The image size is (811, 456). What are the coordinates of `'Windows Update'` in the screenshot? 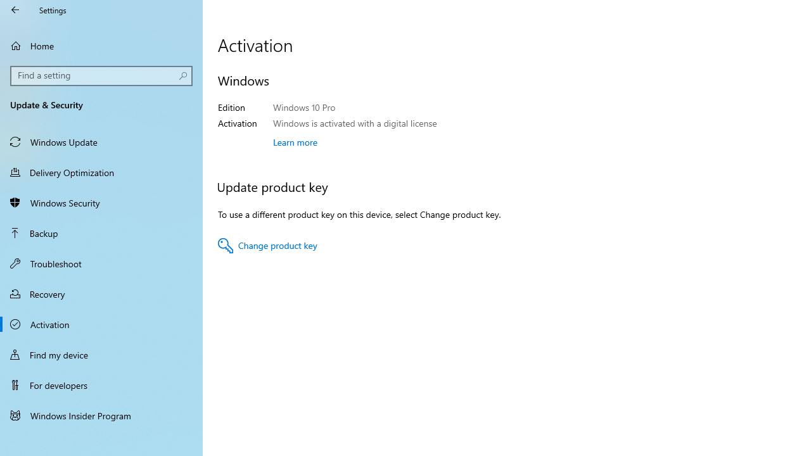 It's located at (101, 141).